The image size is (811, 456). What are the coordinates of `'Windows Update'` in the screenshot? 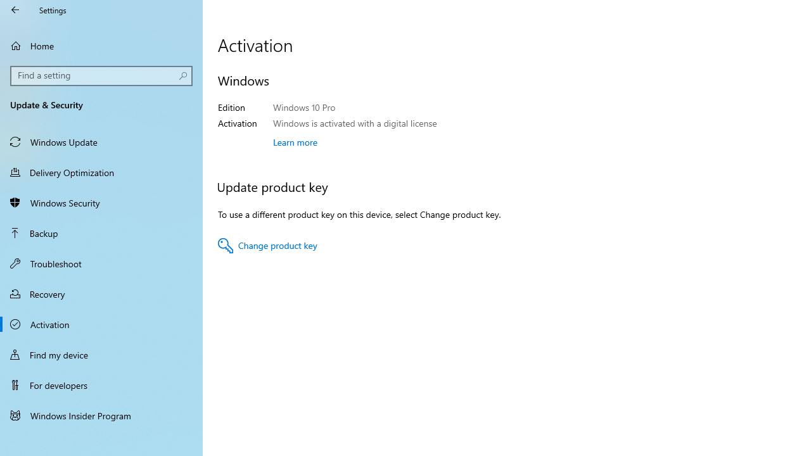 It's located at (101, 141).